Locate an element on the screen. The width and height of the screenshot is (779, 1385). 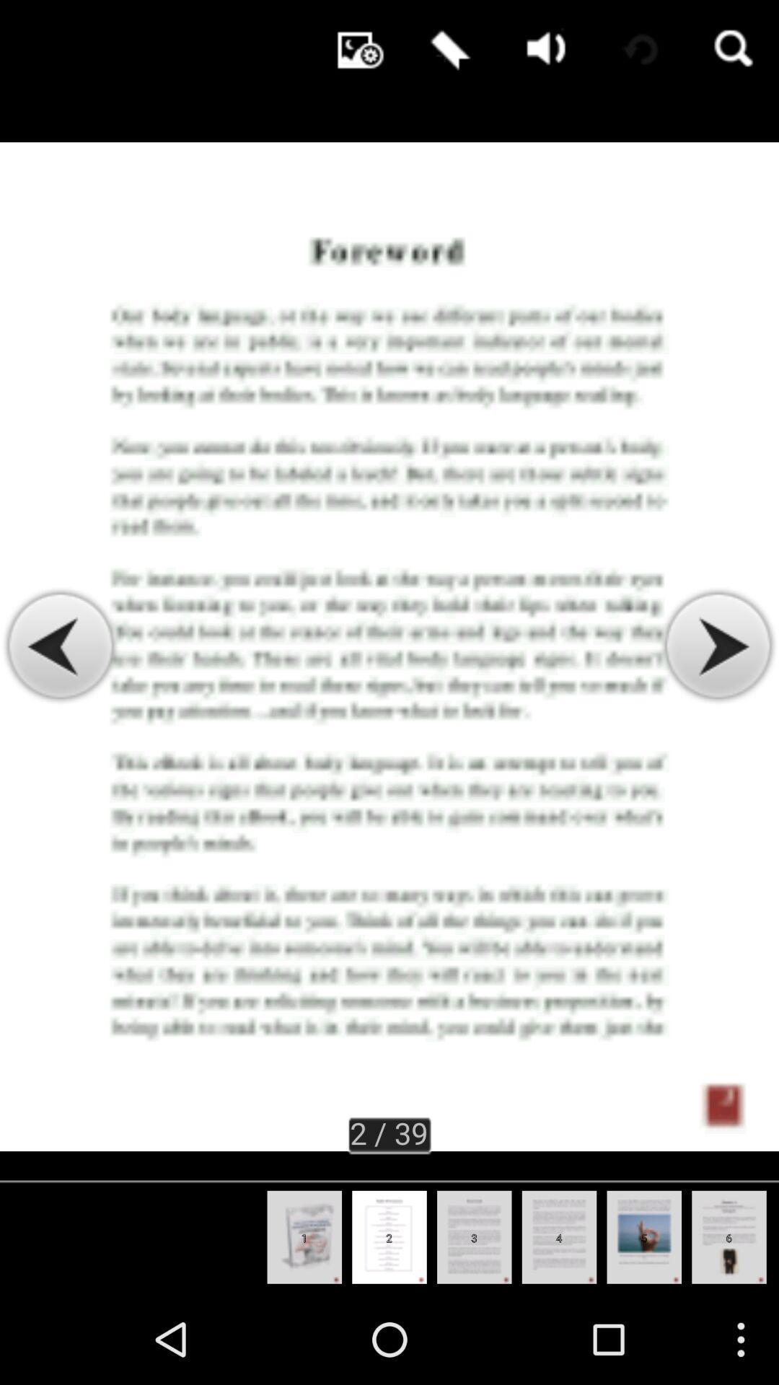
the search icon is located at coordinates (731, 50).